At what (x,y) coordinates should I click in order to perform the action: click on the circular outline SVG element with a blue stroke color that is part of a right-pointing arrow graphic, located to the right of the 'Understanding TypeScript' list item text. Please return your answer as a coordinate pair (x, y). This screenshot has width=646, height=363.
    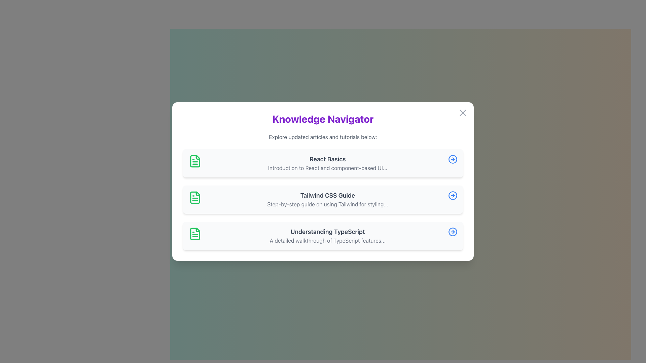
    Looking at the image, I should click on (453, 232).